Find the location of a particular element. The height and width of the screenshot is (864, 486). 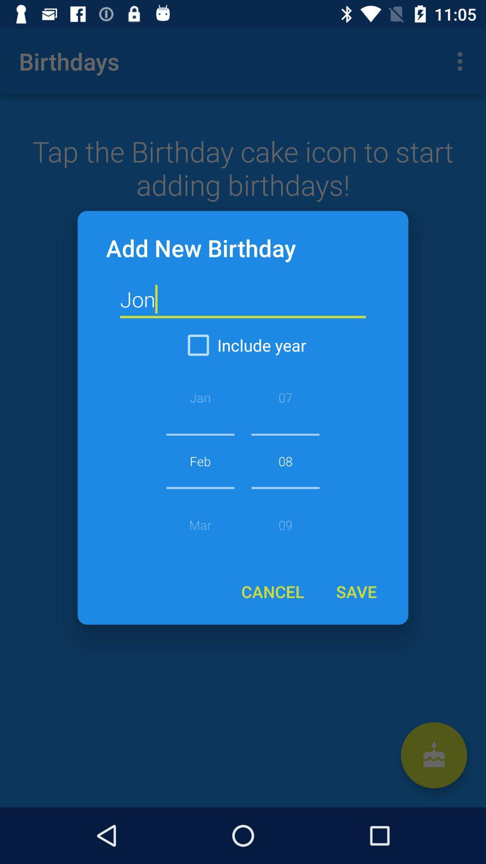

the item above the cancel icon is located at coordinates (285, 461).